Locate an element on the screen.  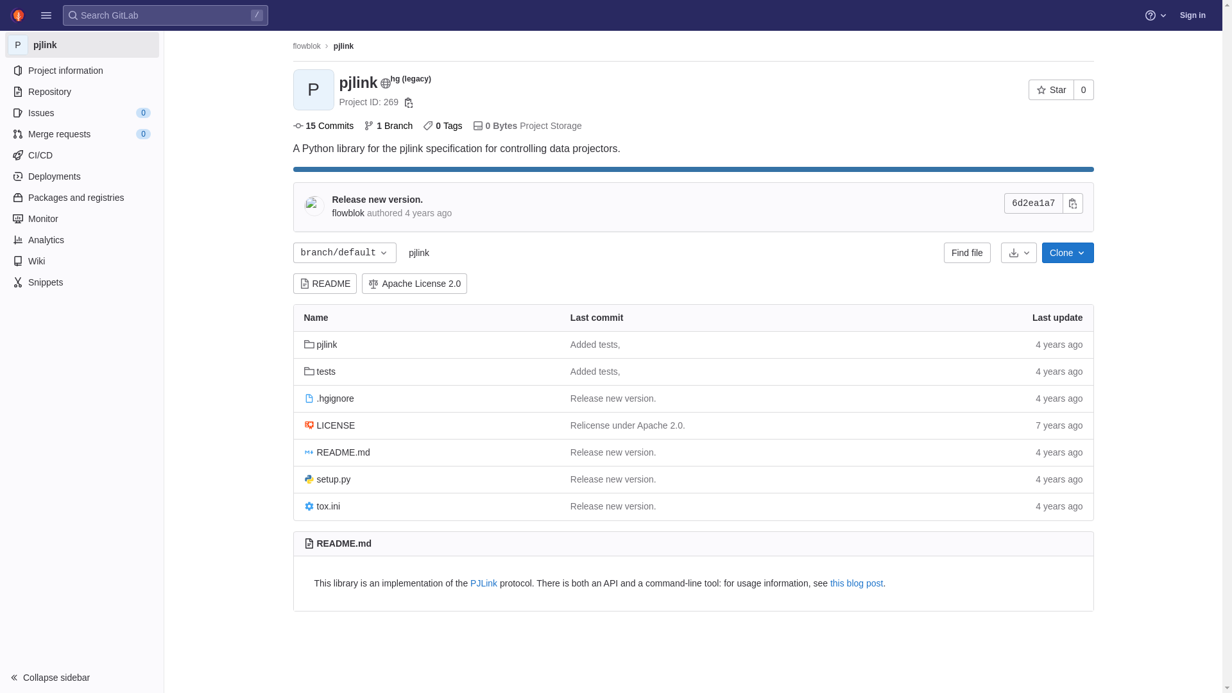
'Issues is located at coordinates (81, 112).